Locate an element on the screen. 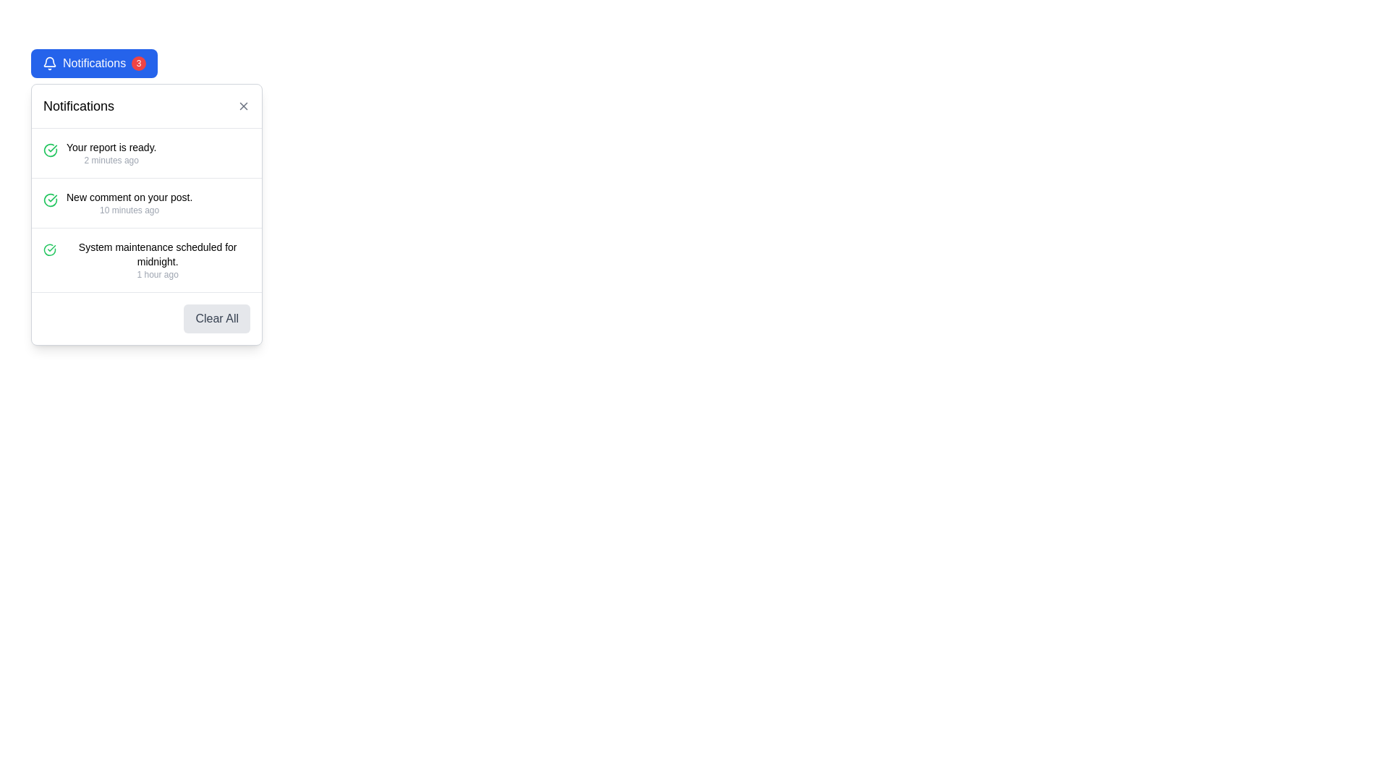 Image resolution: width=1389 pixels, height=781 pixels. text displayed as 'System maintenance scheduled for midnight.' located in the third notification of the notification panel is located at coordinates (158, 253).